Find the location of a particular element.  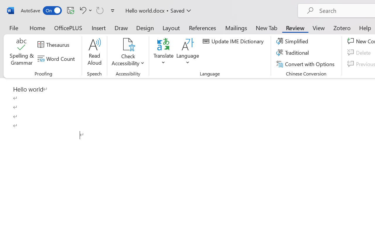

'Design' is located at coordinates (145, 27).